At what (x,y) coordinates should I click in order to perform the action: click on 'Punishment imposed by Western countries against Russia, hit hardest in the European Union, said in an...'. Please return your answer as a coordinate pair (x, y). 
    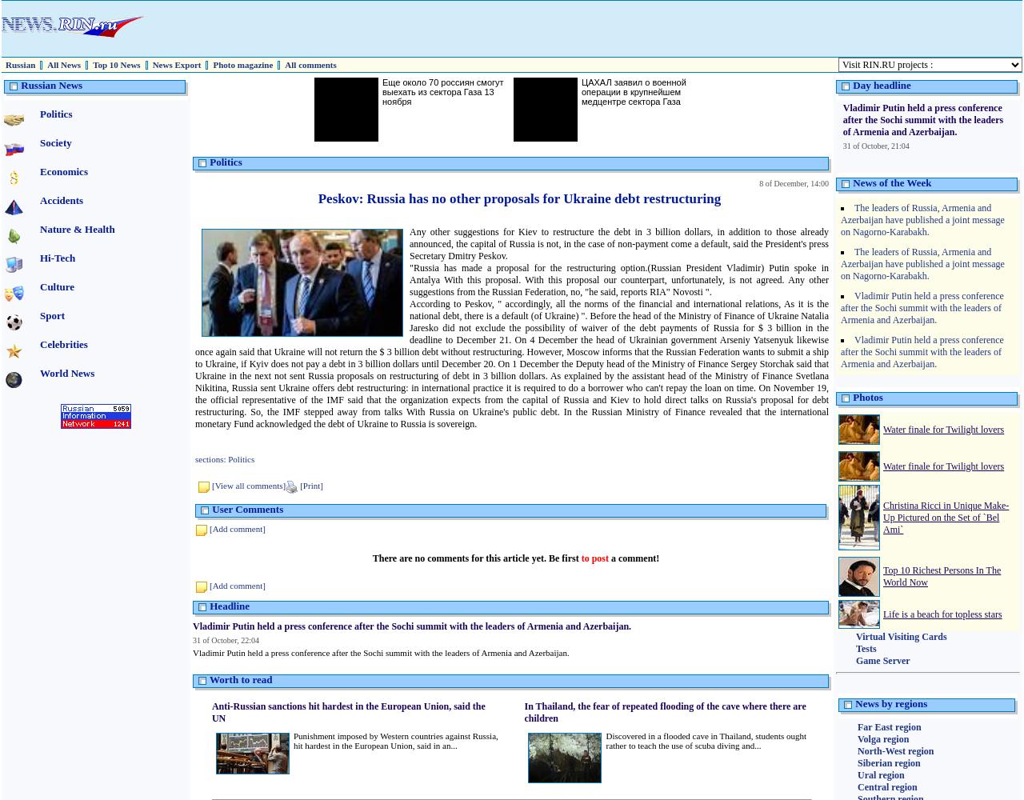
    Looking at the image, I should click on (394, 741).